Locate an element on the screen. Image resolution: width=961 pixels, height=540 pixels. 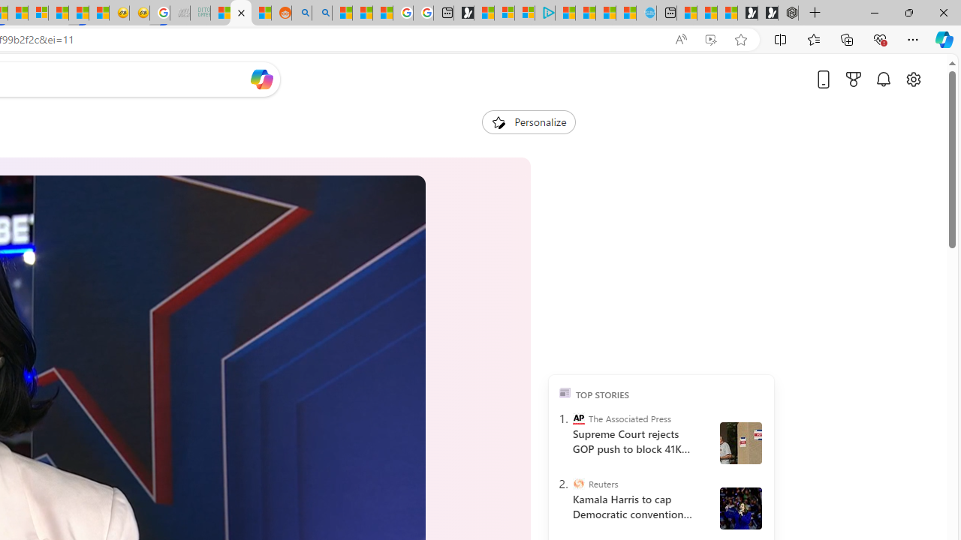
'Home | Sky Blue Bikes - Sky Blue Bikes' is located at coordinates (646, 13).